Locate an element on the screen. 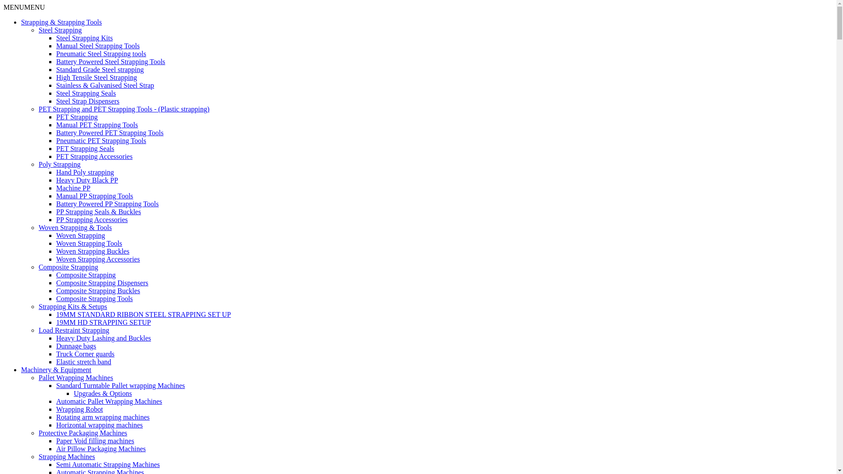  'Stainless & Galvanised Steel Strap' is located at coordinates (105, 85).